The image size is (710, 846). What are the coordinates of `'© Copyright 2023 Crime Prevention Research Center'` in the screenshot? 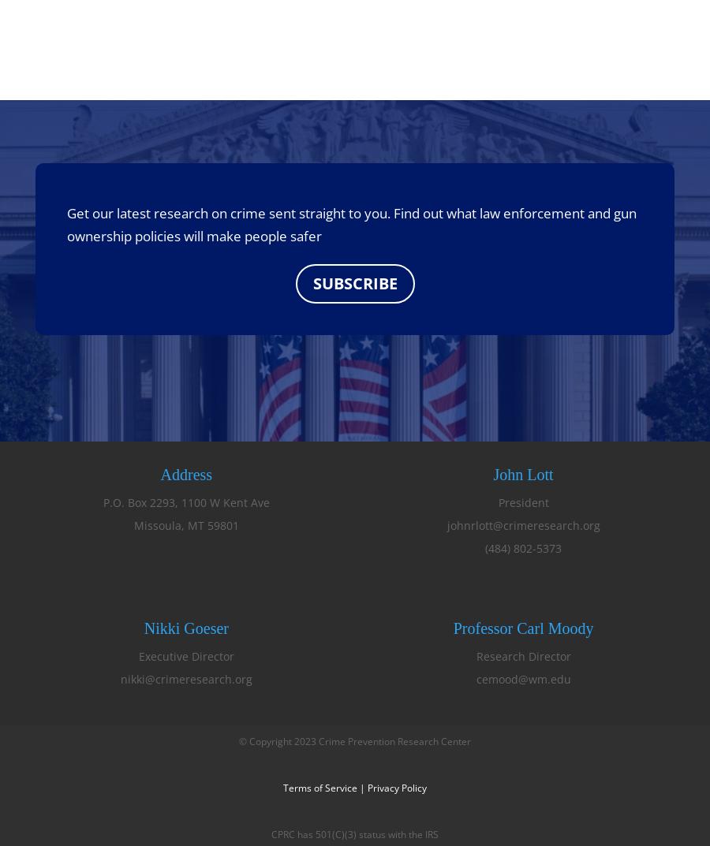 It's located at (355, 741).